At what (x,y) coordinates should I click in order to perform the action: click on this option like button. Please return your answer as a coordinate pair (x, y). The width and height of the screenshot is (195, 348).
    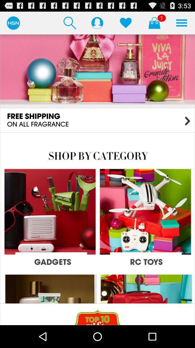
    Looking at the image, I should click on (125, 22).